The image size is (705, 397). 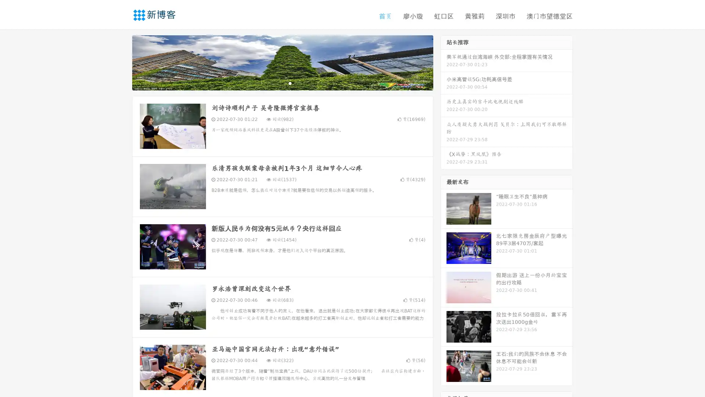 What do you see at coordinates (290, 83) in the screenshot?
I see `Go to slide 3` at bounding box center [290, 83].